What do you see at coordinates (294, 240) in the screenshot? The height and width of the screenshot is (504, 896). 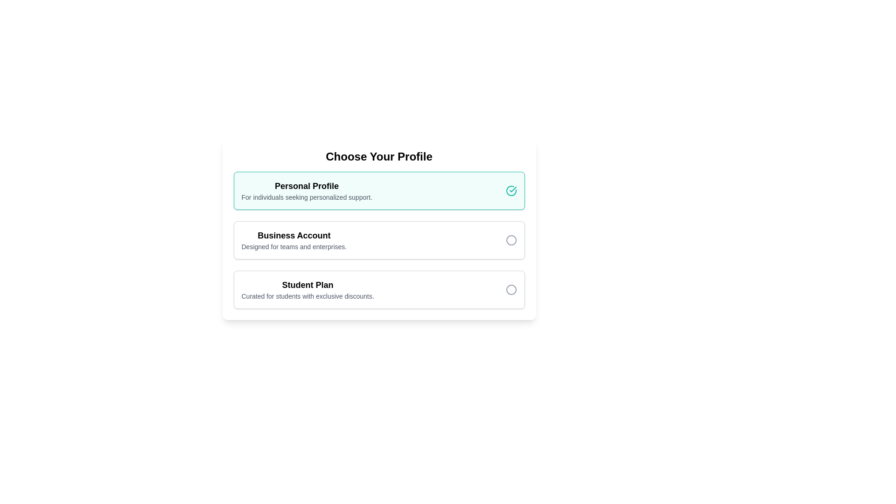 I see `the second selectable option in the vertical list of profile selections labeled 'Business Account' under 'Choose Your Profile'` at bounding box center [294, 240].